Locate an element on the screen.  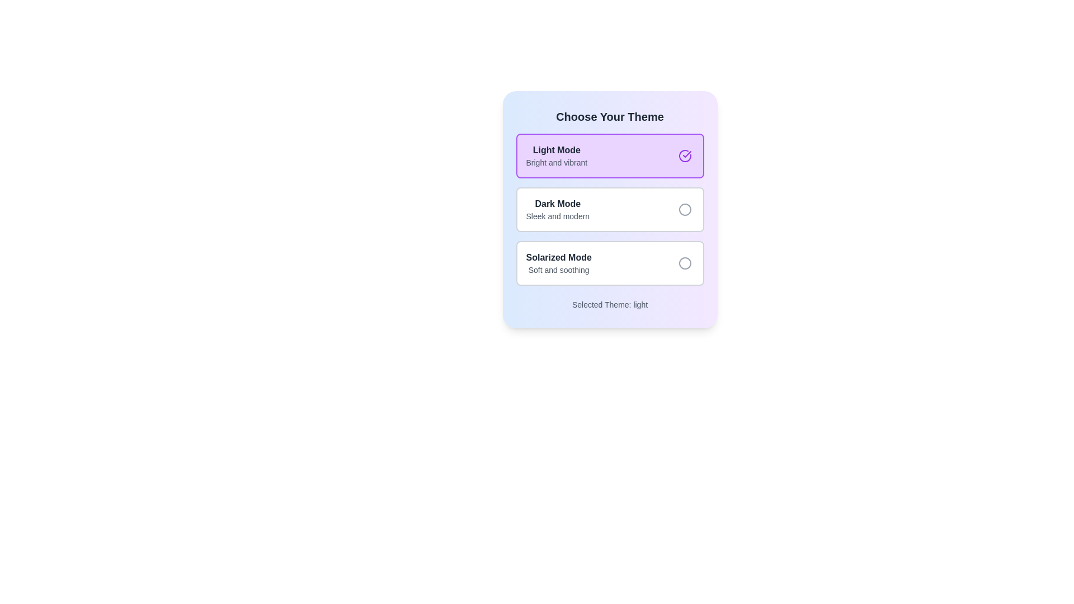
the text display containing 'Bright and vibrant', which is located immediately below the 'Light Mode' title in the 'Choose Your Theme' dialogue is located at coordinates (557, 162).